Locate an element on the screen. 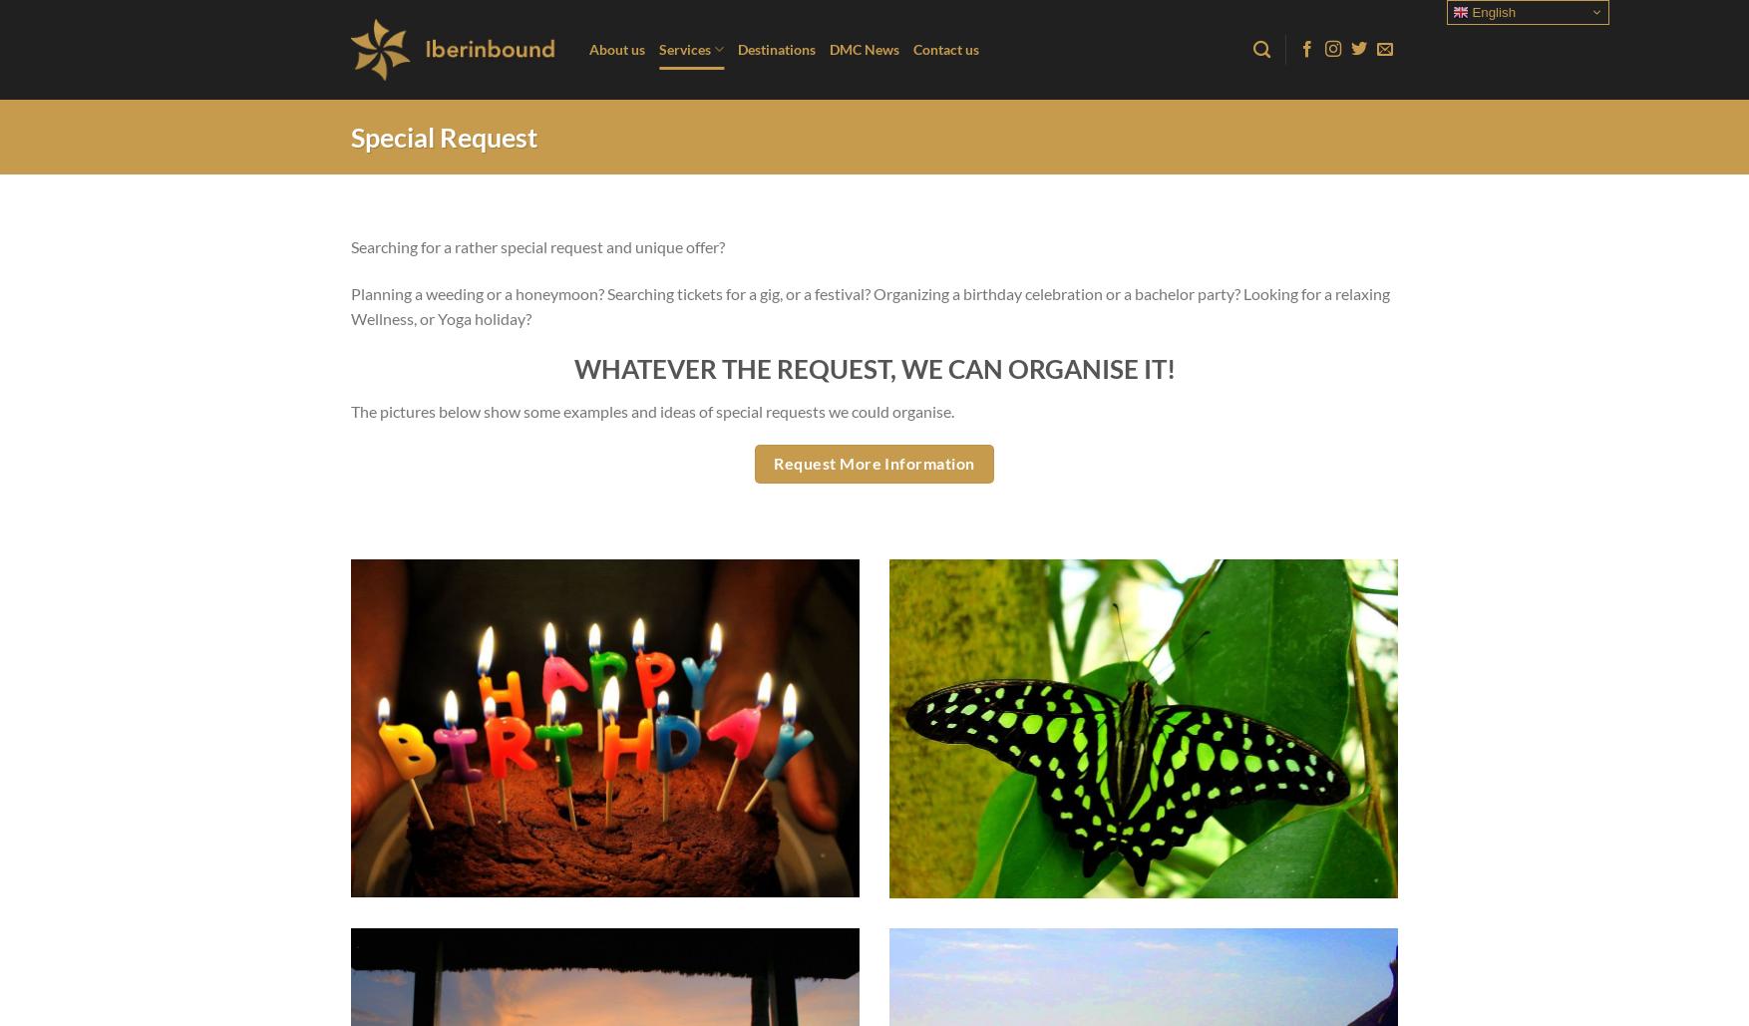 This screenshot has height=1026, width=1749. 'Special Request' is located at coordinates (443, 136).